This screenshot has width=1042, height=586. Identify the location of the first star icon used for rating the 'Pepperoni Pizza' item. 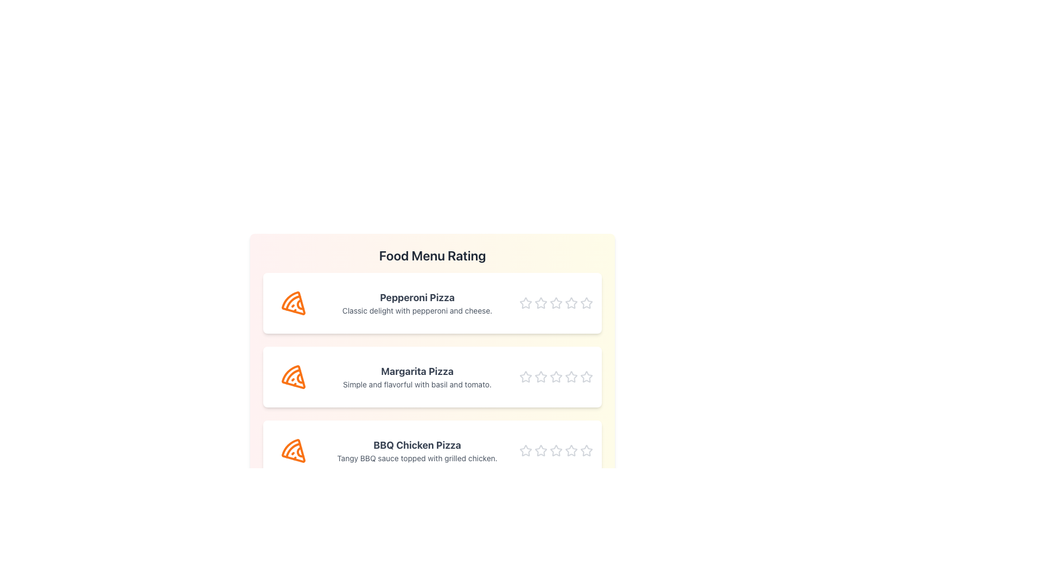
(526, 303).